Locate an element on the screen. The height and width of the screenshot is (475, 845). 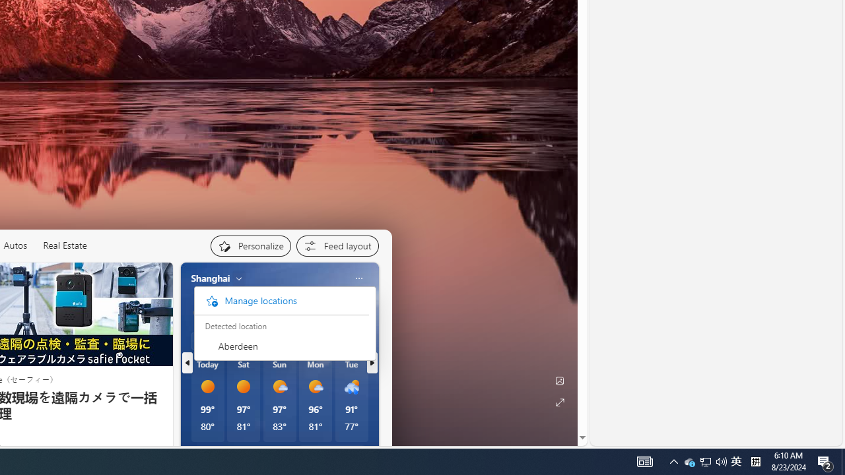
'Class: icon-img' is located at coordinates (358, 277).